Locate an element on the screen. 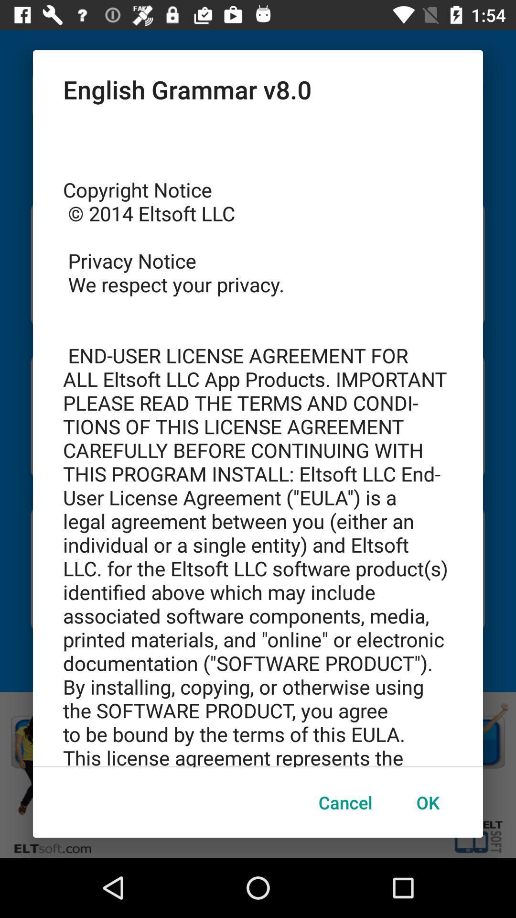 The width and height of the screenshot is (516, 918). ok button is located at coordinates (427, 802).